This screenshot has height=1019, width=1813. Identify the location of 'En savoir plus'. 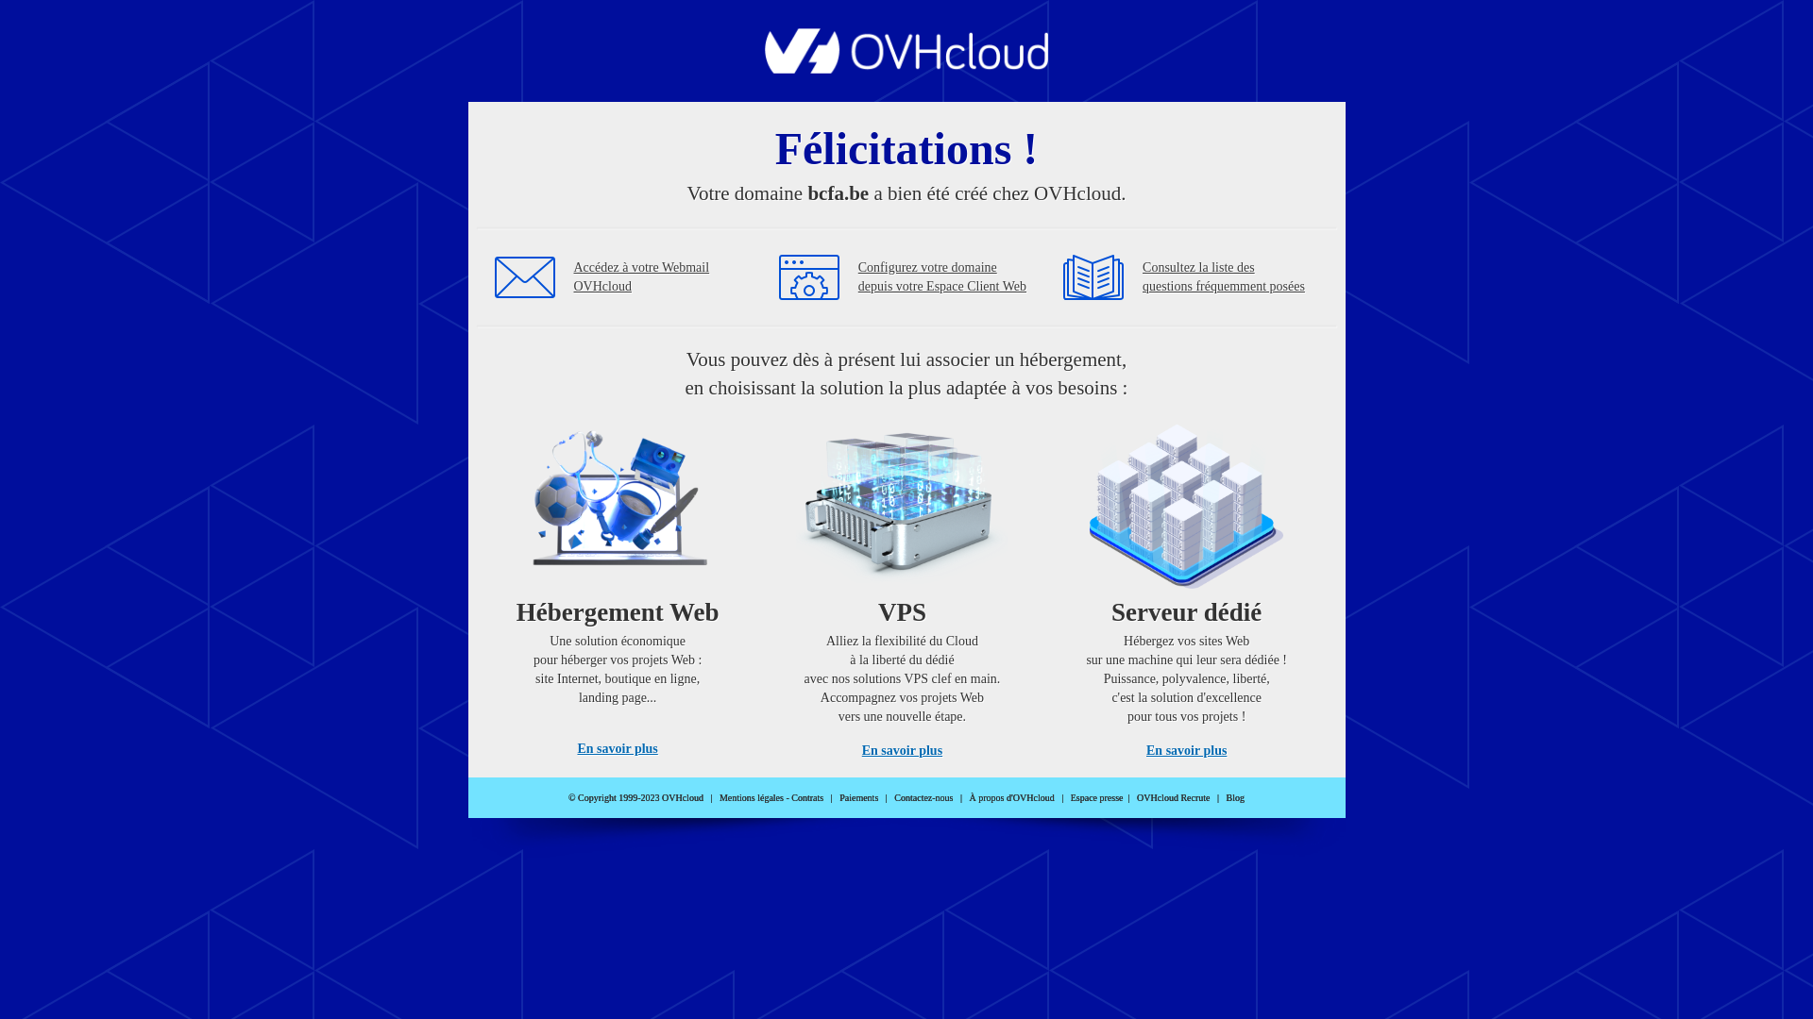
(1185, 749).